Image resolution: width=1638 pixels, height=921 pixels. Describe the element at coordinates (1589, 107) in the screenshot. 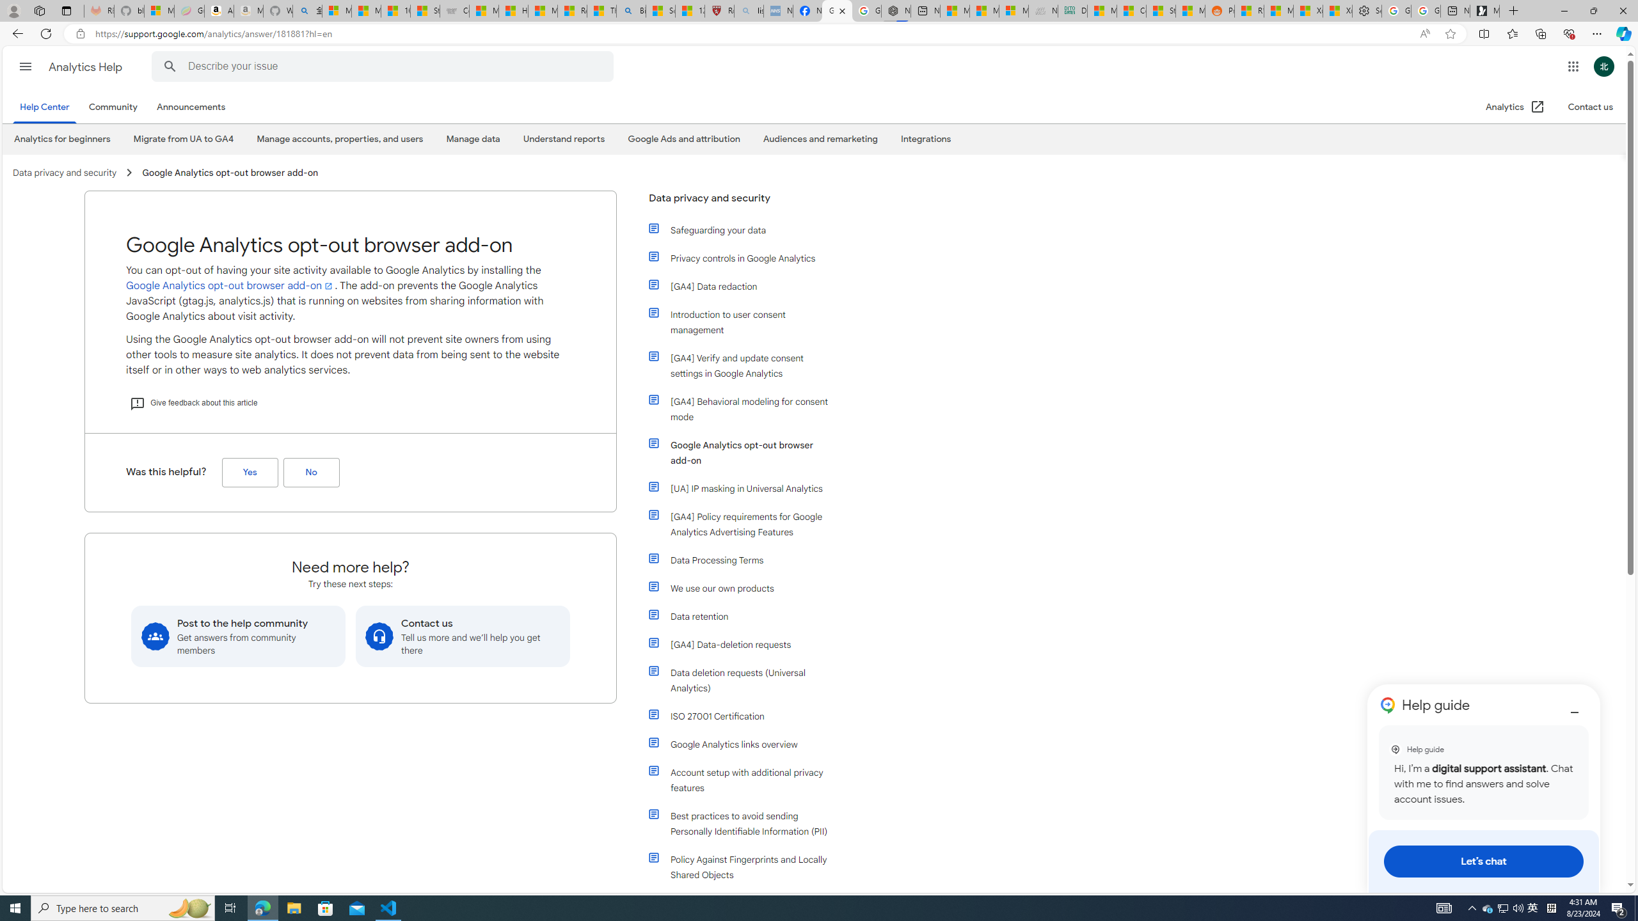

I see `'Contact us'` at that location.